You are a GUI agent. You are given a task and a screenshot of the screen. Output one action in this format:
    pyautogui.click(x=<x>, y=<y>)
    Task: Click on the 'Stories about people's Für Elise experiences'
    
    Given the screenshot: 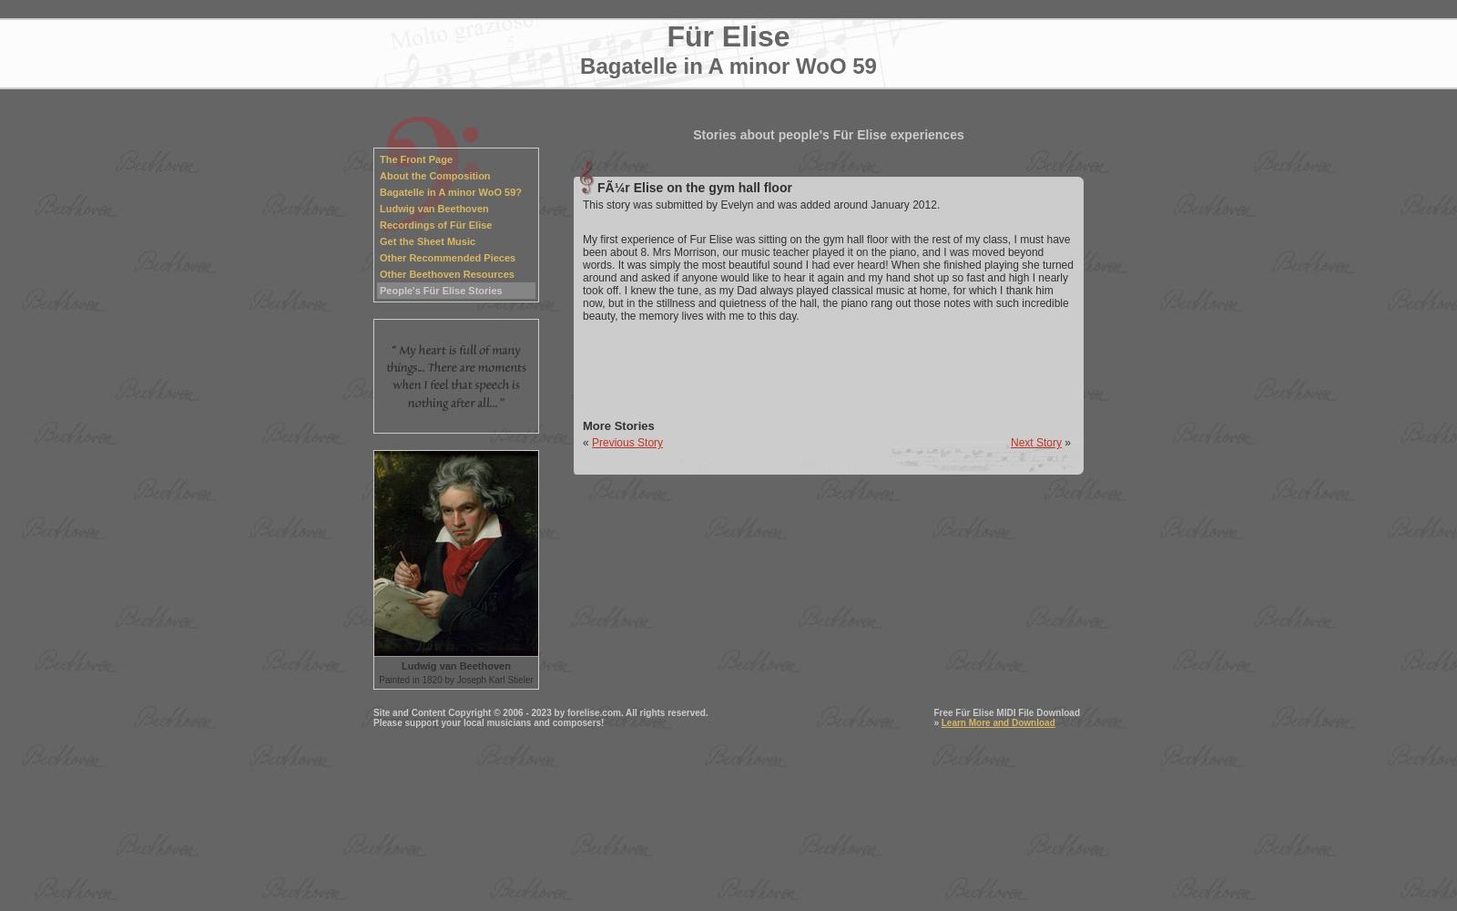 What is the action you would take?
    pyautogui.click(x=827, y=135)
    